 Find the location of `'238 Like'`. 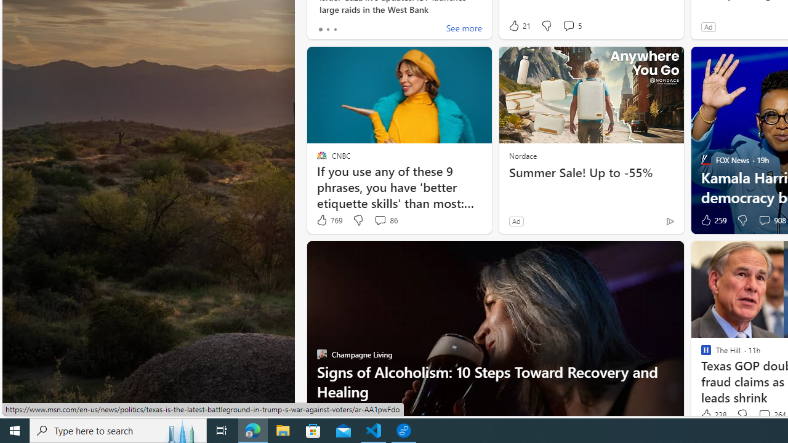

'238 Like' is located at coordinates (712, 415).